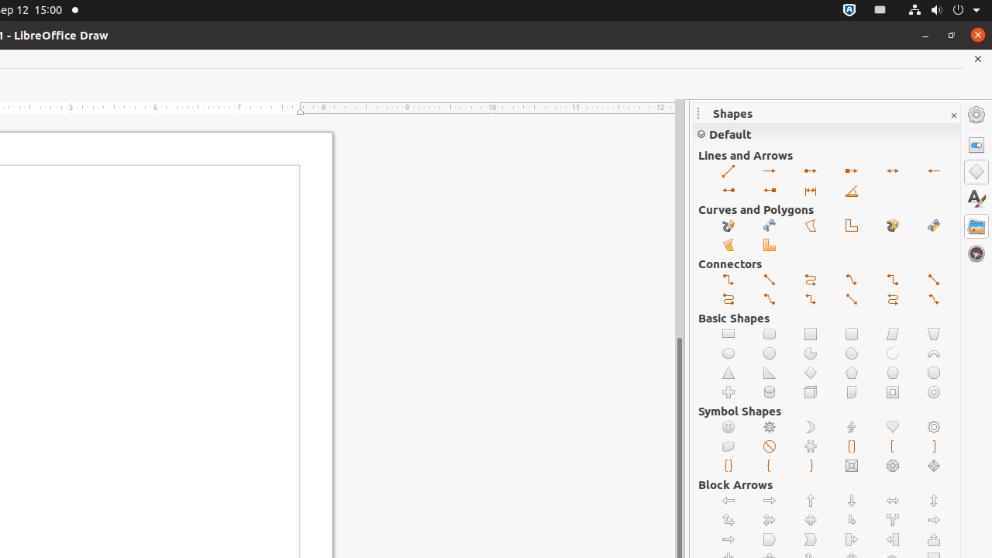  Describe the element at coordinates (933, 391) in the screenshot. I see `'Ring'` at that location.